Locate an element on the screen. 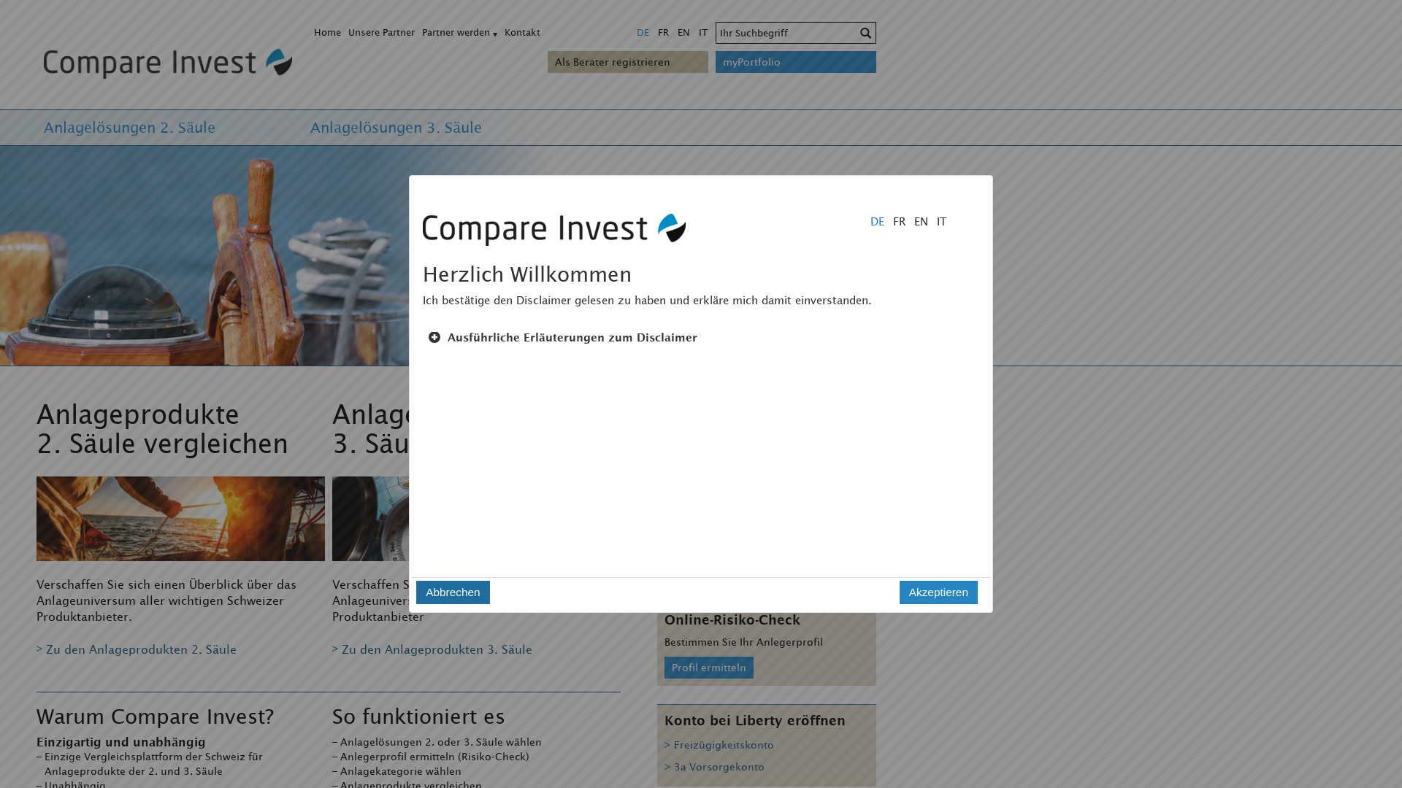 Image resolution: width=1402 pixels, height=788 pixels. 'FR' is located at coordinates (894, 221).